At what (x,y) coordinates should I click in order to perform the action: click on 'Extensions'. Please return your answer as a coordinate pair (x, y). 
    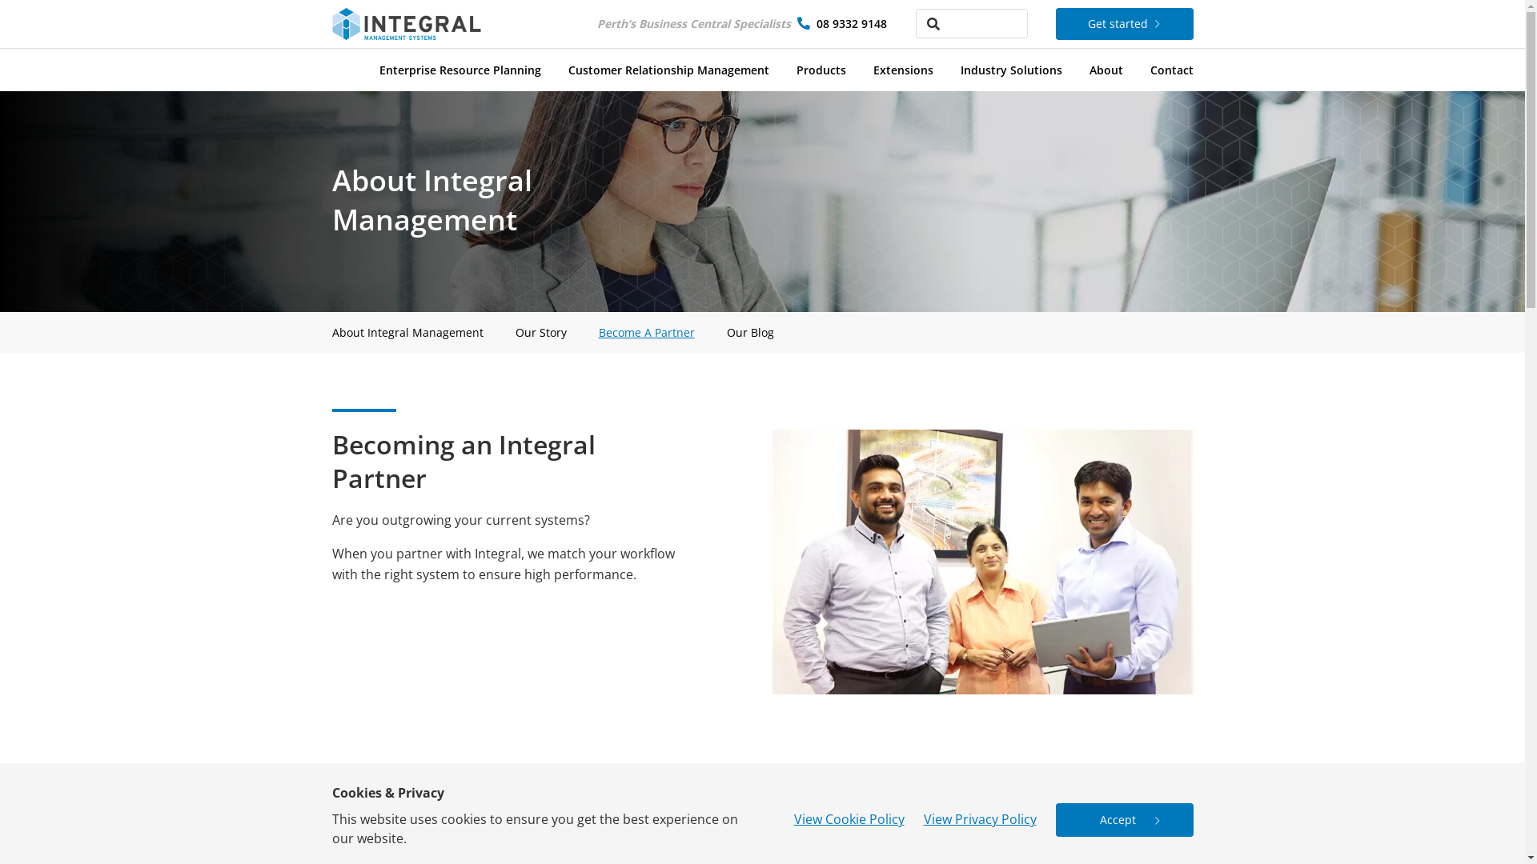
    Looking at the image, I should click on (902, 66).